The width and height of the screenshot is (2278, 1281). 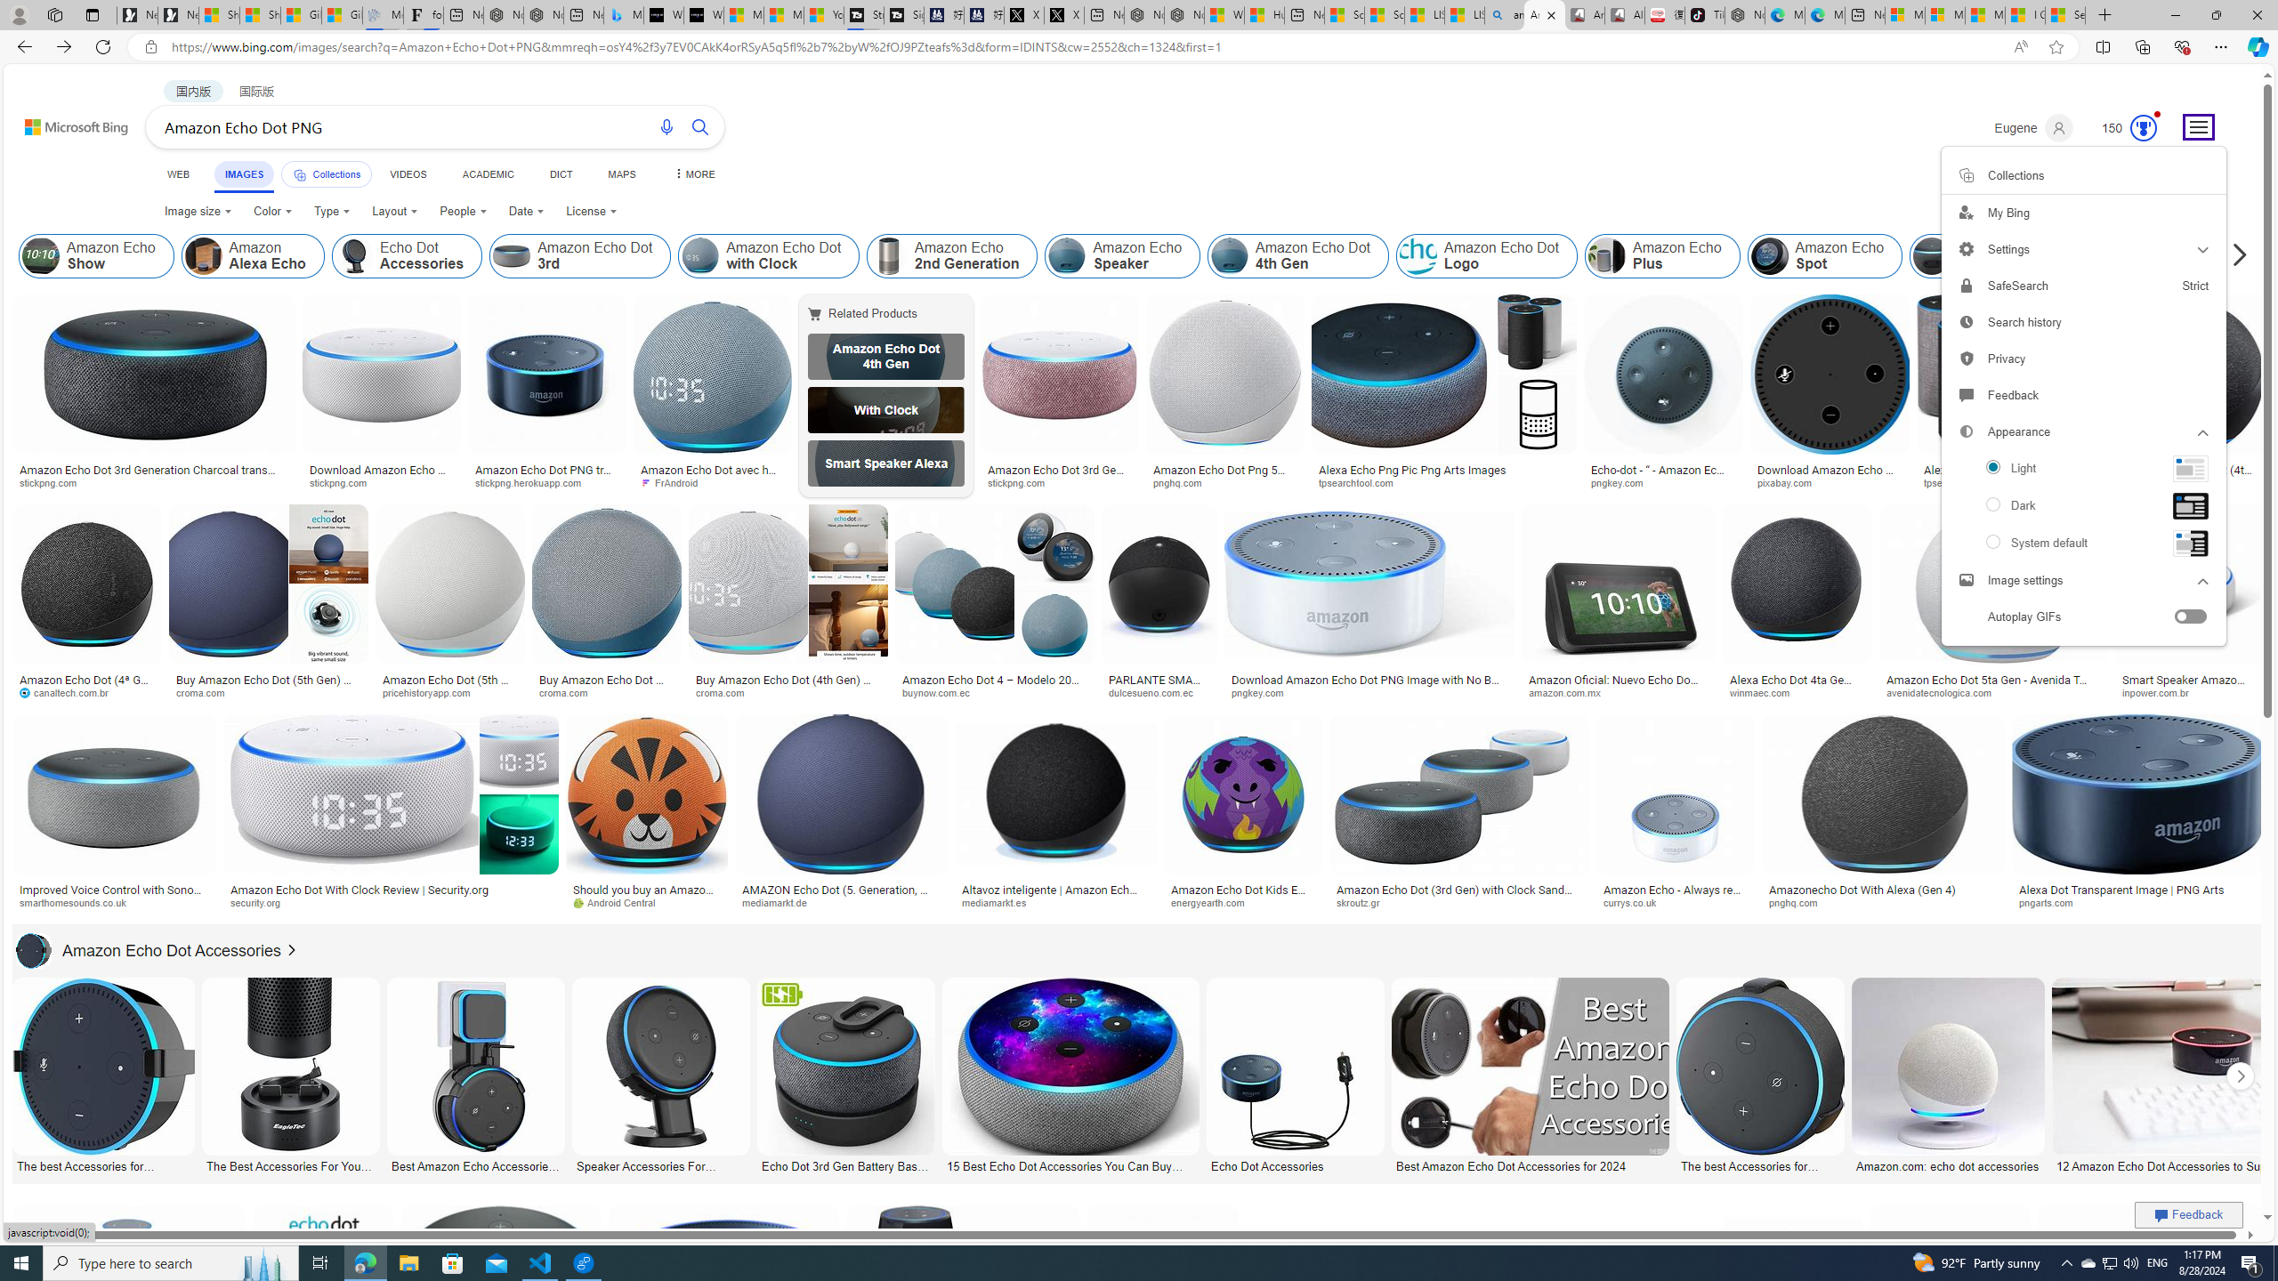 I want to click on 'Date', so click(x=526, y=211).